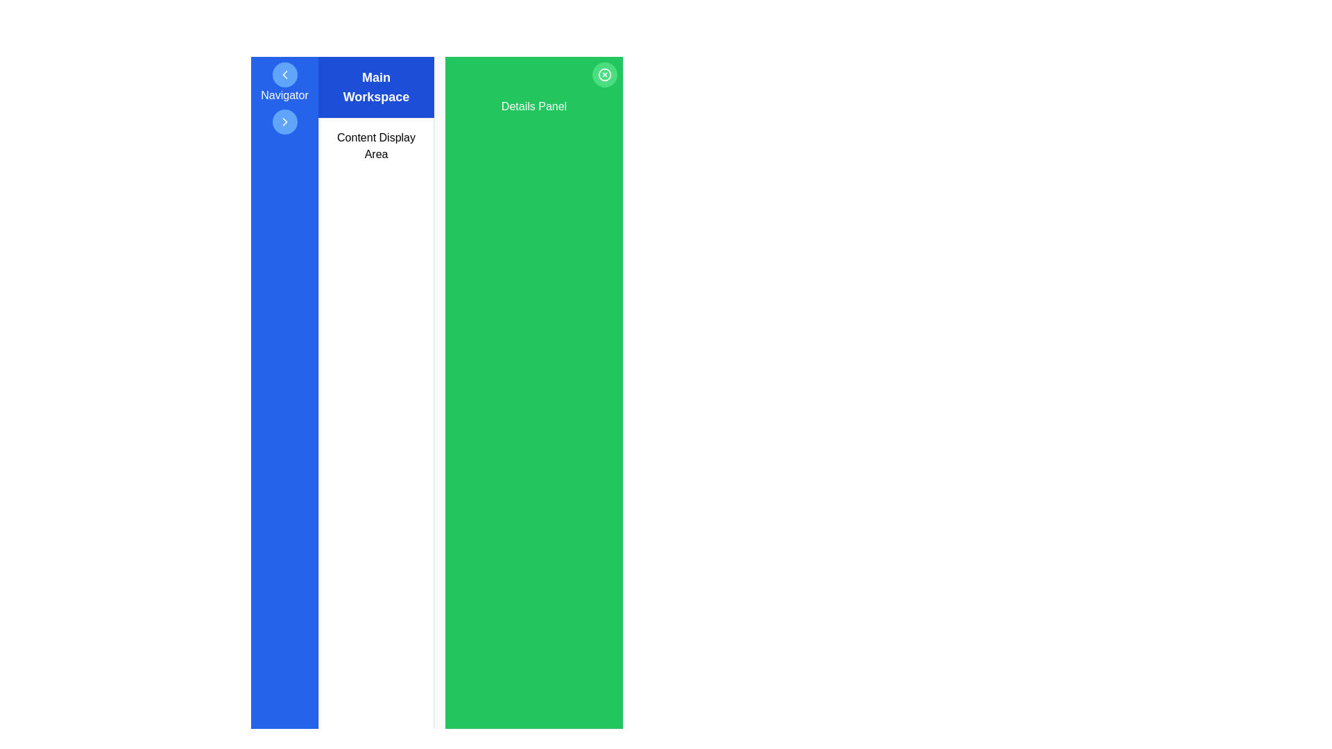 This screenshot has height=749, width=1332. Describe the element at coordinates (284, 121) in the screenshot. I see `the second button` at that location.